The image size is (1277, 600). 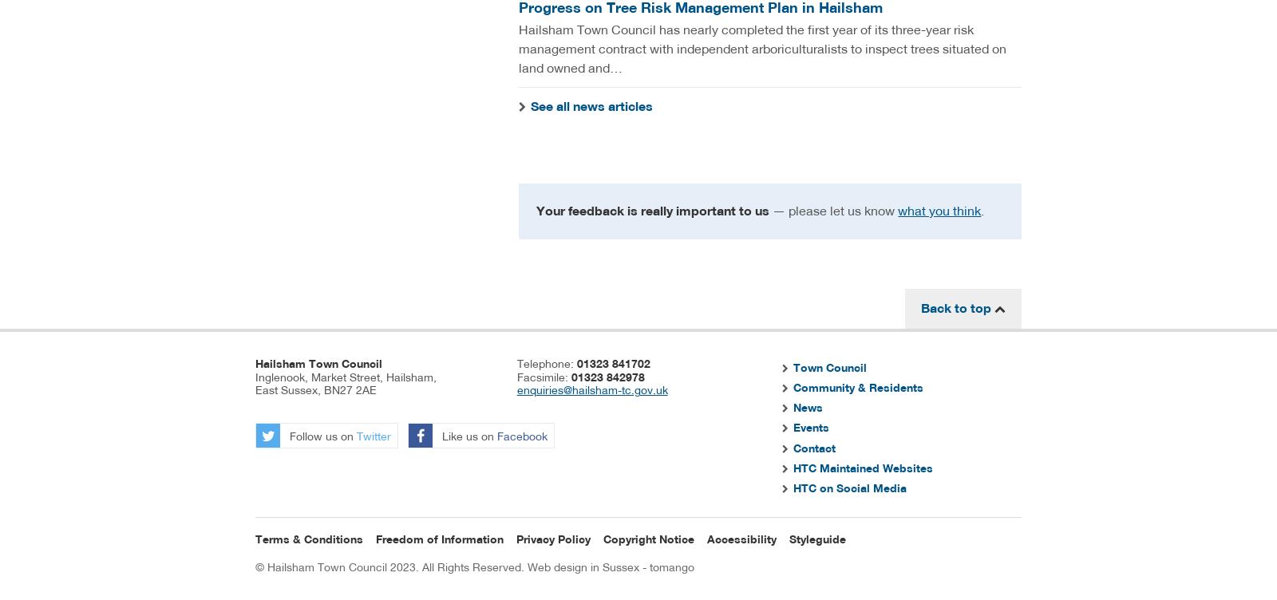 What do you see at coordinates (373, 436) in the screenshot?
I see `'Twitter'` at bounding box center [373, 436].